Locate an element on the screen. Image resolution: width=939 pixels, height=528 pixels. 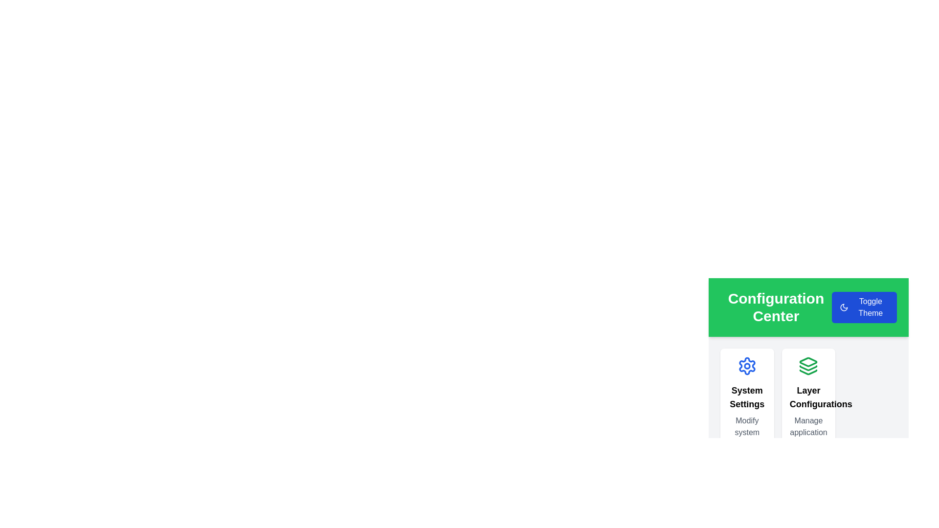
the green and white icon resembling a stack of layers with a diamond-like shape in the center, located within the 'Layer Configurations' menu is located at coordinates (808, 362).